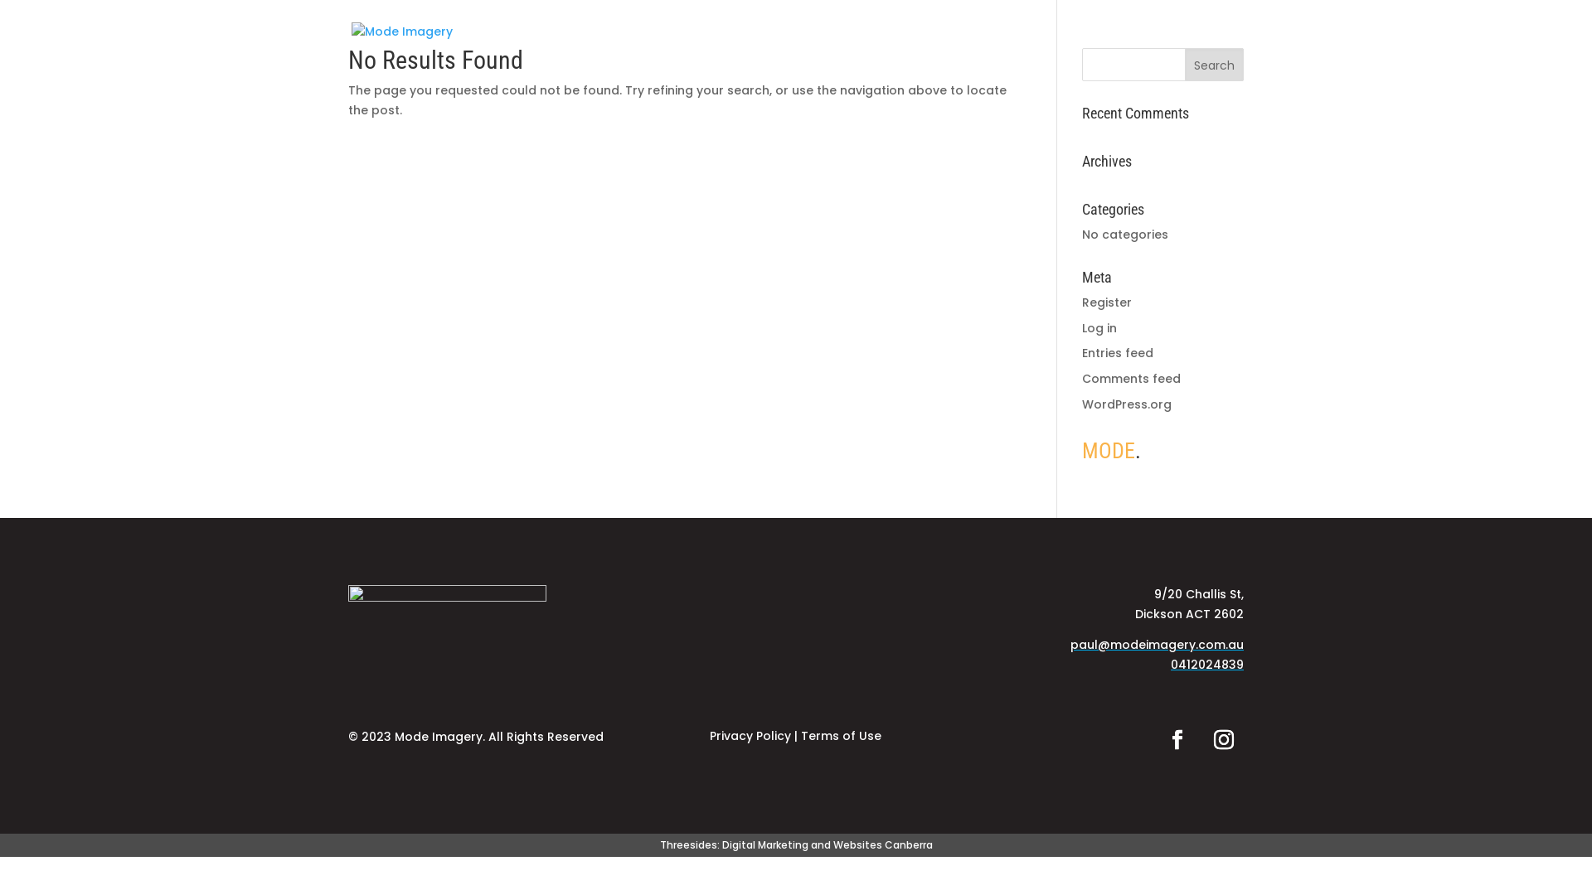 Image resolution: width=1592 pixels, height=895 pixels. I want to click on 'Asset 2', so click(447, 629).